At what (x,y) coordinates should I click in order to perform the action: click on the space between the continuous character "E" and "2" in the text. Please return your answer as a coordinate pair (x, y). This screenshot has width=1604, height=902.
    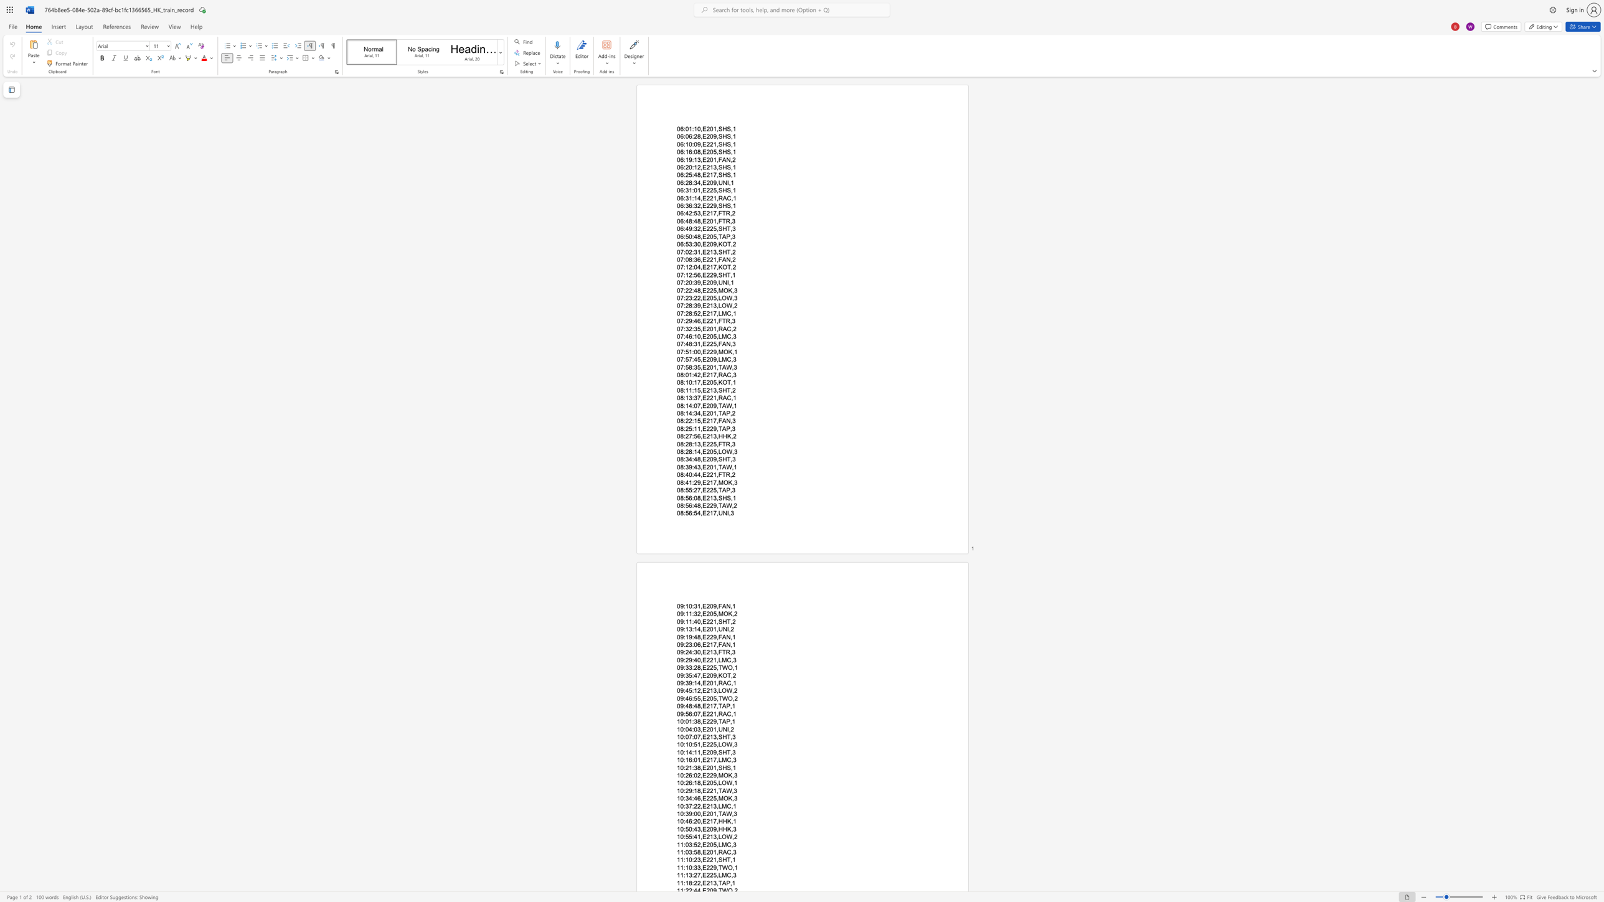
    Looking at the image, I should click on (705, 373).